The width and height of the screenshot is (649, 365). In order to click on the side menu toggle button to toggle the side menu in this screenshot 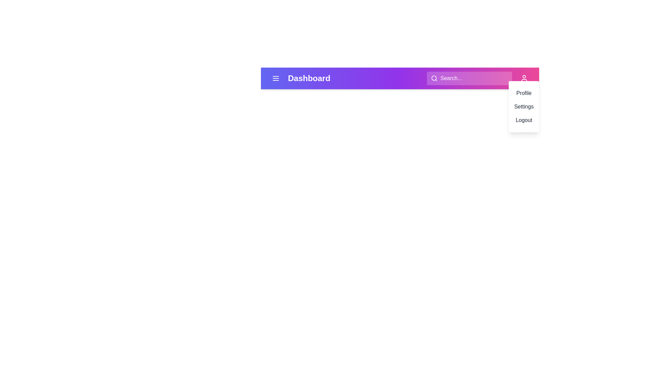, I will do `click(276, 78)`.